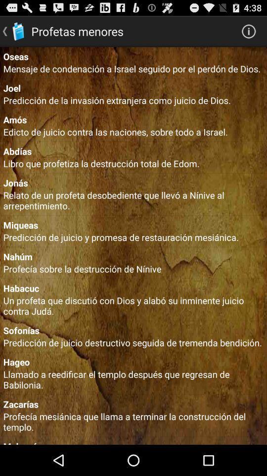 This screenshot has width=267, height=476. What do you see at coordinates (133, 288) in the screenshot?
I see `app above the un profeta que` at bounding box center [133, 288].